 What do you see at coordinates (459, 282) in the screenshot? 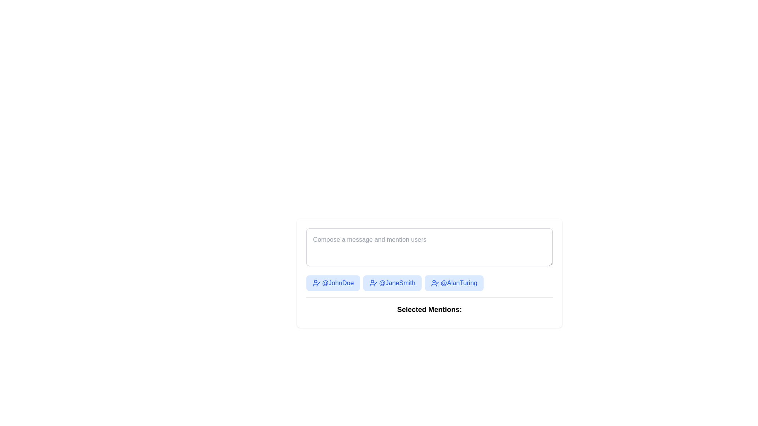
I see `the selectable mention tag displaying the username '@AlanTuring' in bold blue text within a light blue bubble` at bounding box center [459, 282].